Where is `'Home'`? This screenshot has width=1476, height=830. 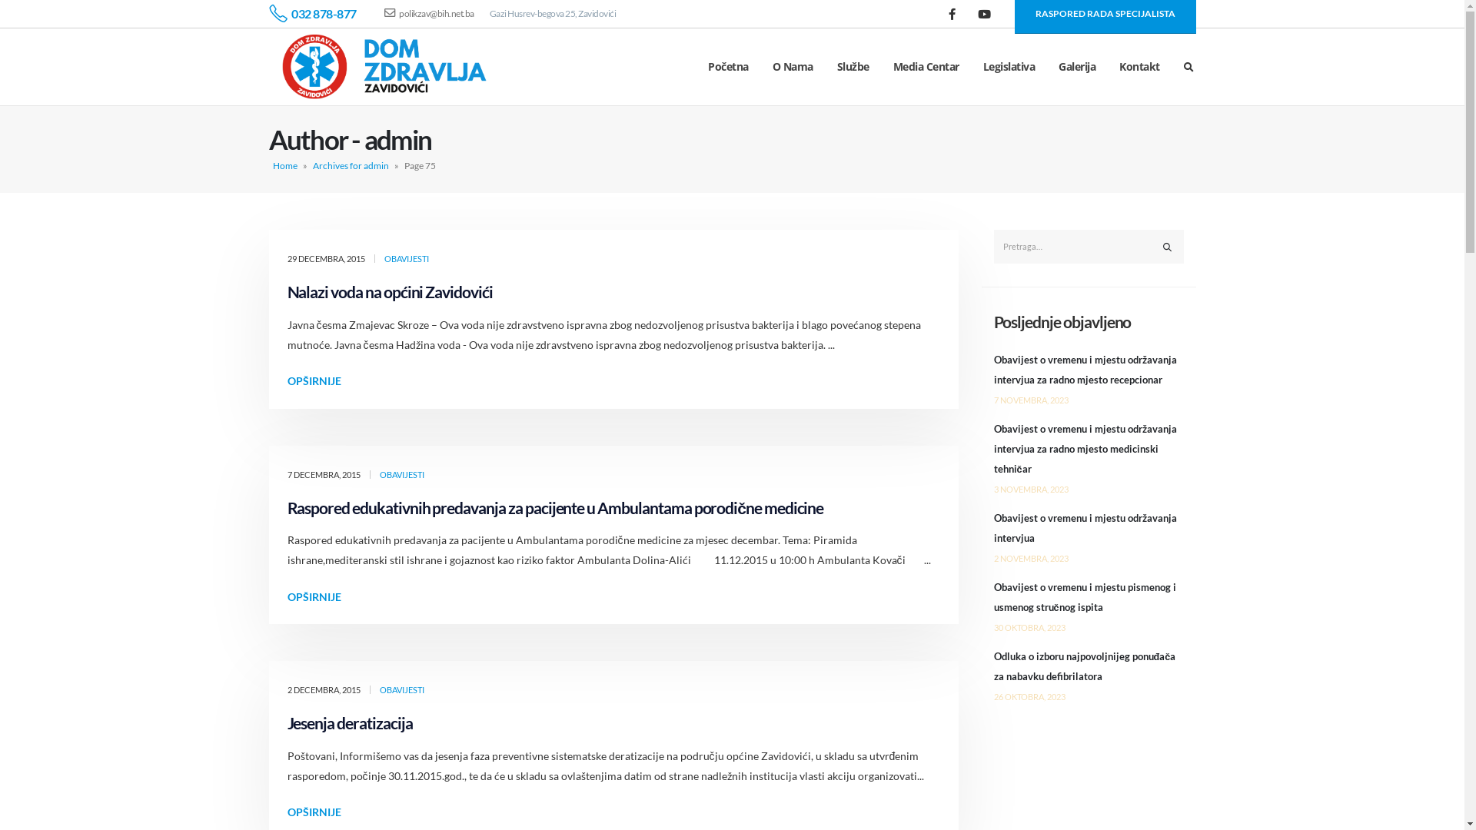 'Home' is located at coordinates (284, 165).